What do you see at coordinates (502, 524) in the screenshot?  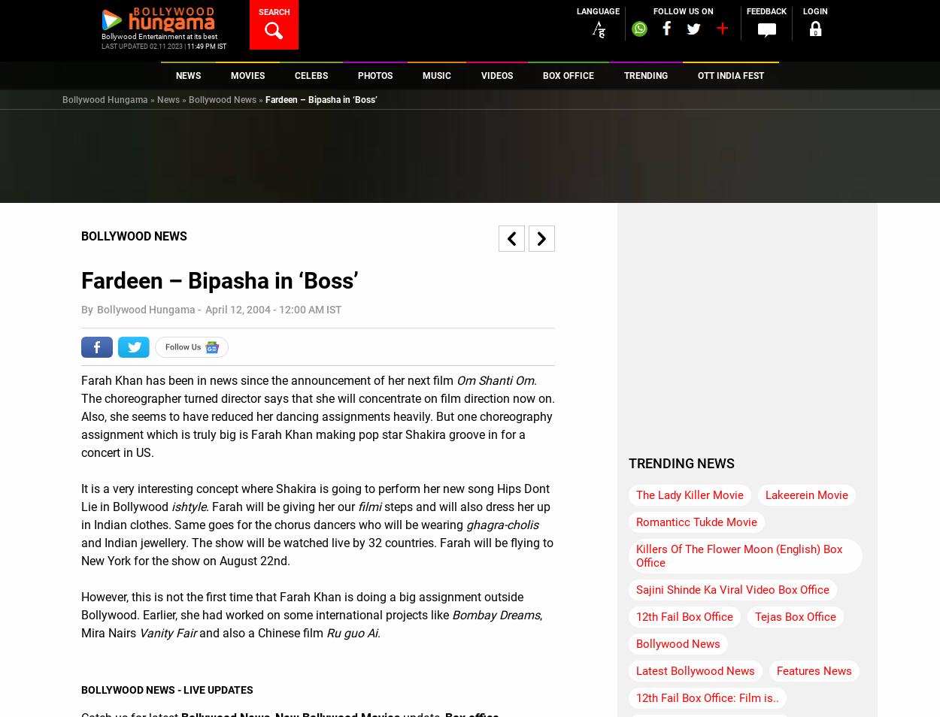 I see `'ghagra-cholis'` at bounding box center [502, 524].